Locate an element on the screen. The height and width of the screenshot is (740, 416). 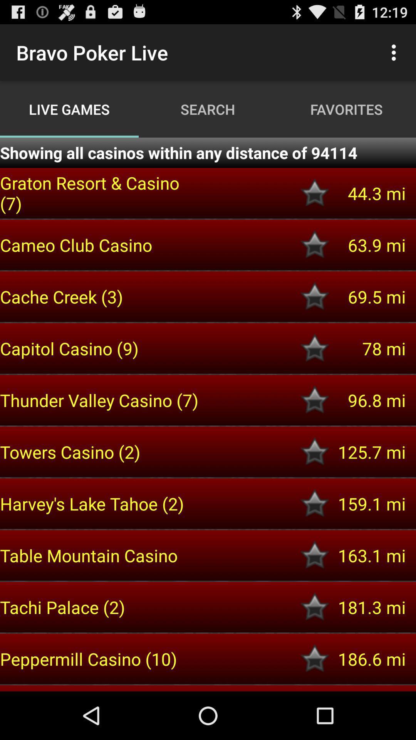
the thunder valley casino item is located at coordinates (101, 400).